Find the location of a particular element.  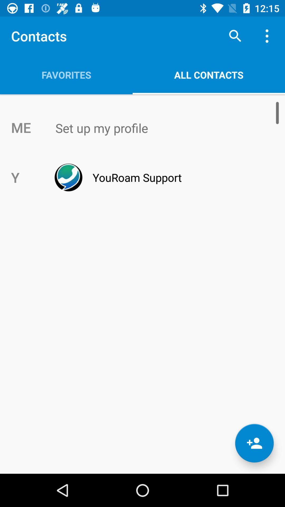

the item above the me app is located at coordinates (66, 74).